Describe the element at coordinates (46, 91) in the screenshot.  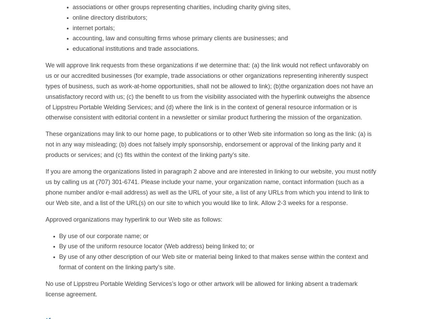
I see `'We will approve link requests from these organizations if we determine that: (a) the link would not reflect unfavorably on us or our accredited businesses (for example, trade associations or other organizations representing inherently suspect types of business, such as work-at-home opportunities, shall not be allowed to link); (b)the organization does not have an unsatisfactory record with us; (c) the benefit to us from the visibility associated with the hyperlink outweighs the absence of Lippstreu Portable Welding Services; and (d) where the link is in the context of general resource information or is otherwise consistent with editorial content in a newsletter or similar product furthering the mission of the organization.'` at that location.